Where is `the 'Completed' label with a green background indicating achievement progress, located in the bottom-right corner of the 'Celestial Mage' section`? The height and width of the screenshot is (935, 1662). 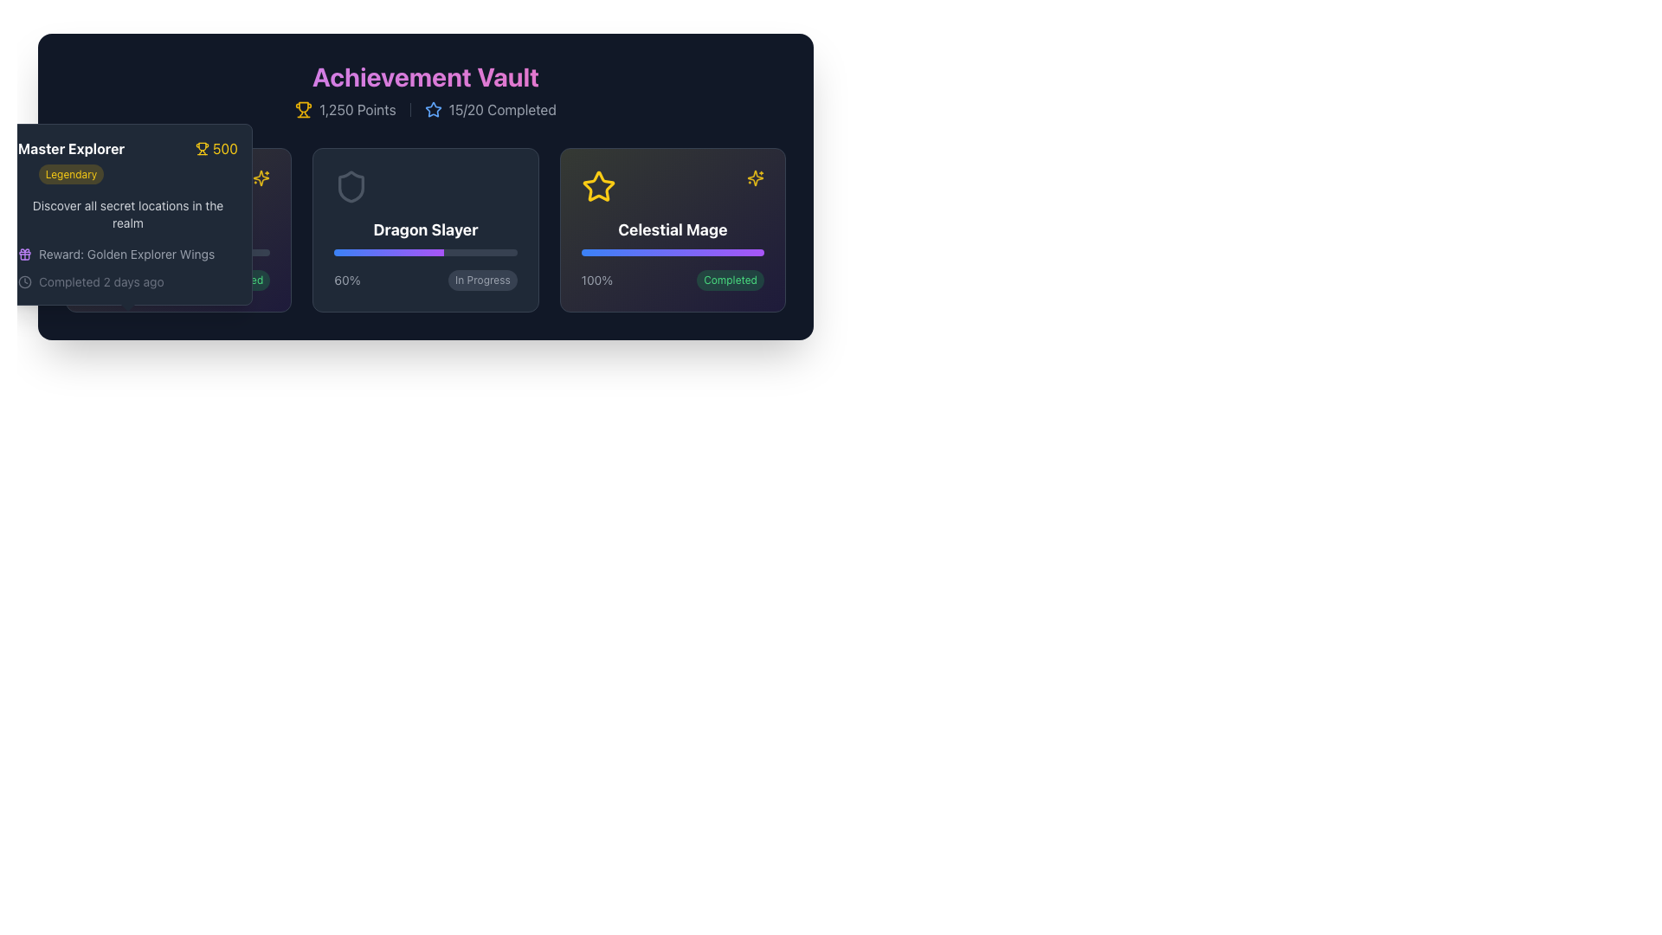
the 'Completed' label with a green background indicating achievement progress, located in the bottom-right corner of the 'Celestial Mage' section is located at coordinates (731, 280).